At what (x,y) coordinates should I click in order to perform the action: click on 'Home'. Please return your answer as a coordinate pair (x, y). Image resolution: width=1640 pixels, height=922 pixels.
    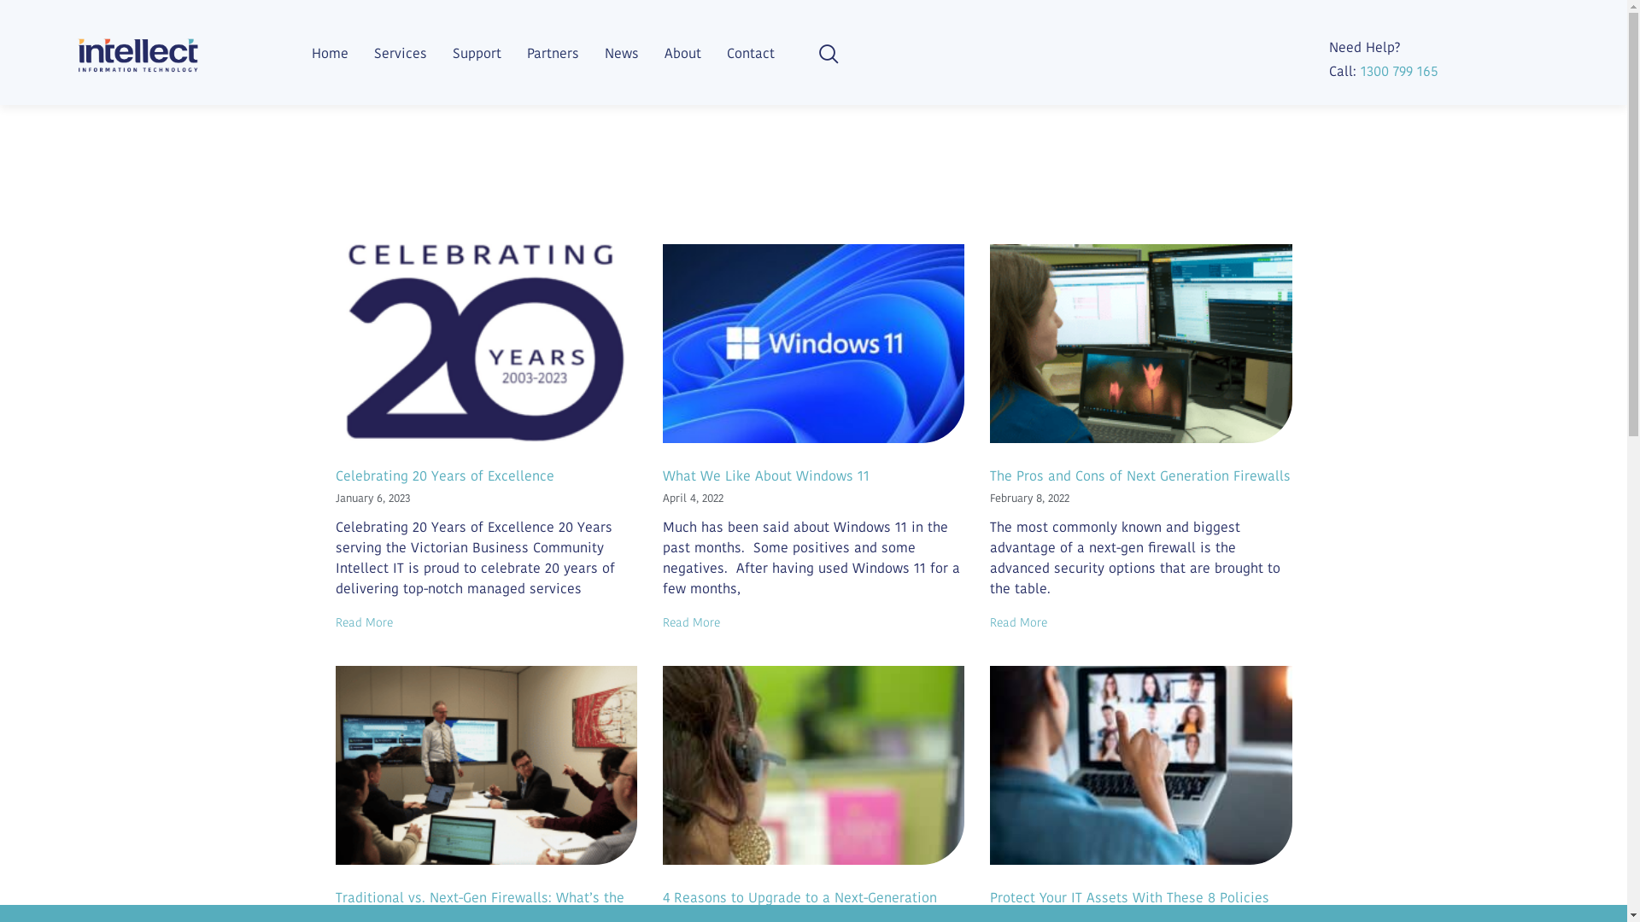
    Looking at the image, I should click on (311, 52).